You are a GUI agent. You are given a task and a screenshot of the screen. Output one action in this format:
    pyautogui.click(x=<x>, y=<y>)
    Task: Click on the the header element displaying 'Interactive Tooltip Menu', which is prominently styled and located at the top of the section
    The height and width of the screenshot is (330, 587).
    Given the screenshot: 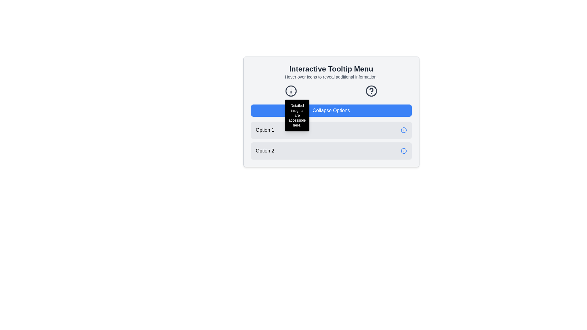 What is the action you would take?
    pyautogui.click(x=331, y=69)
    